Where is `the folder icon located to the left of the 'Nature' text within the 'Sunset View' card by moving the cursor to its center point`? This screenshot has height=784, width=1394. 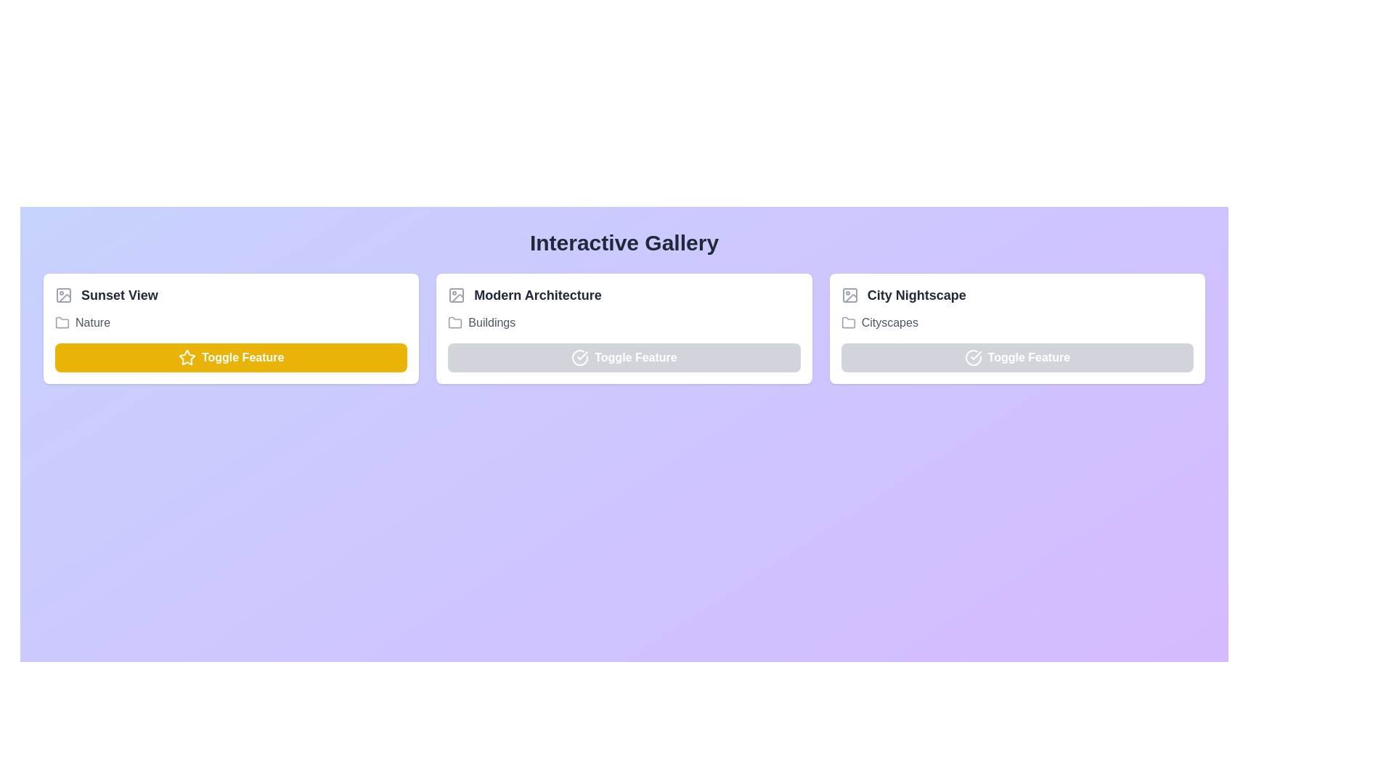 the folder icon located to the left of the 'Nature' text within the 'Sunset View' card by moving the cursor to its center point is located at coordinates (62, 322).